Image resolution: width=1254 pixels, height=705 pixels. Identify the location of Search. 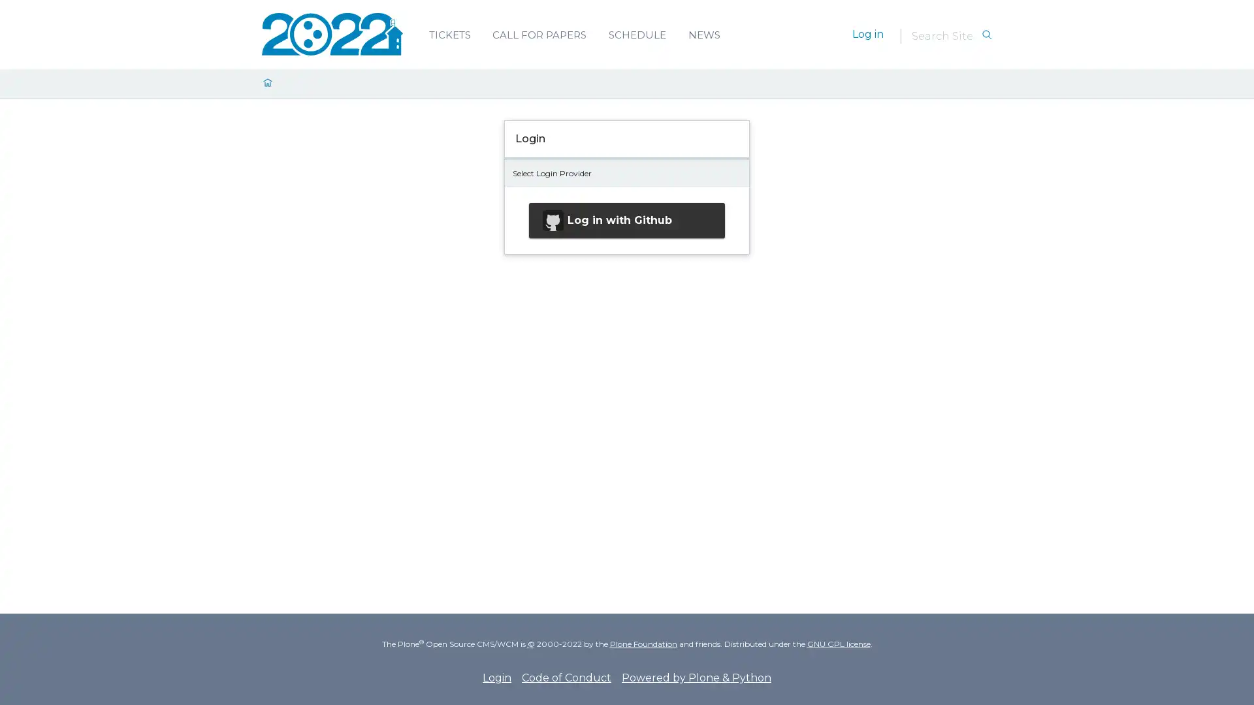
(986, 35).